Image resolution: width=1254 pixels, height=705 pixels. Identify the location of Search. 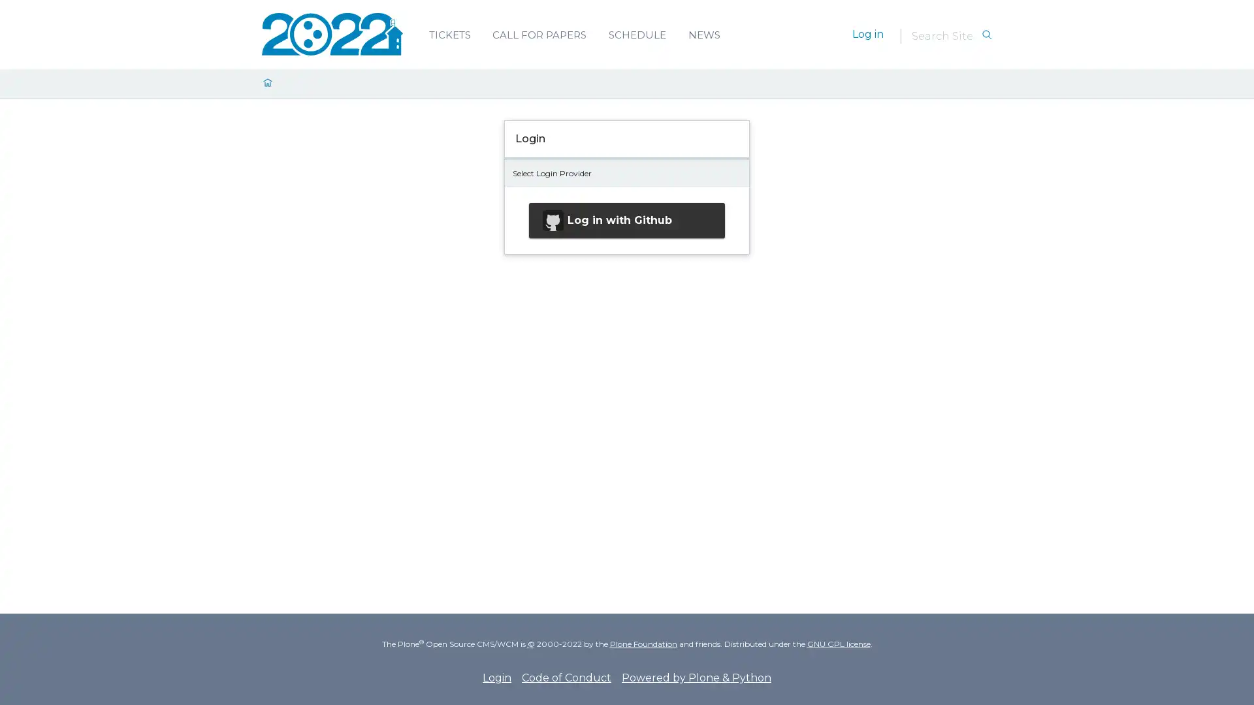
(986, 35).